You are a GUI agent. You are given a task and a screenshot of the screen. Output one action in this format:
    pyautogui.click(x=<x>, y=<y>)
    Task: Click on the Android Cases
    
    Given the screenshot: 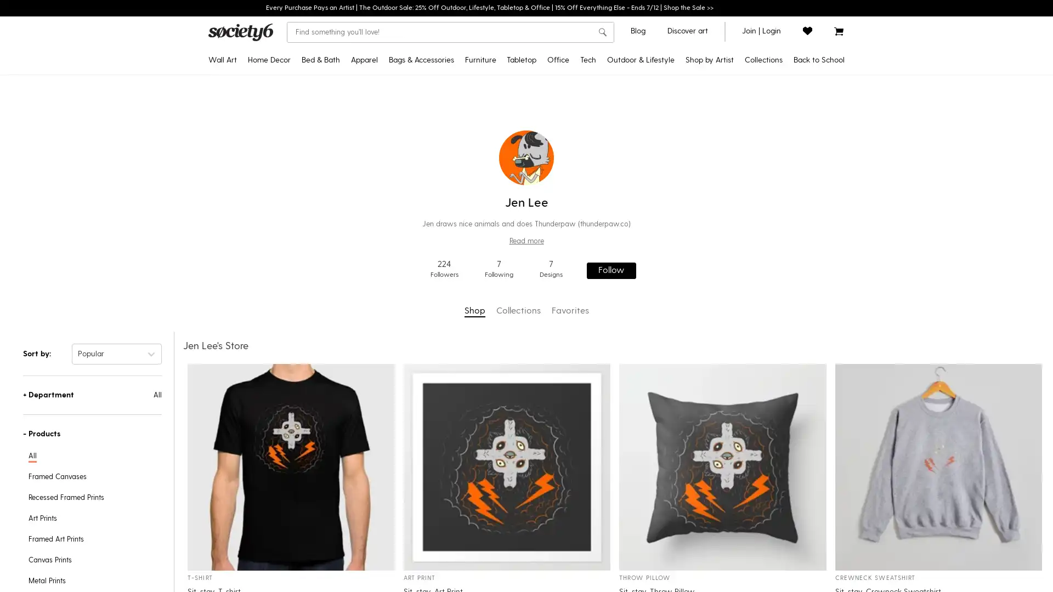 What is the action you would take?
    pyautogui.click(x=627, y=105)
    